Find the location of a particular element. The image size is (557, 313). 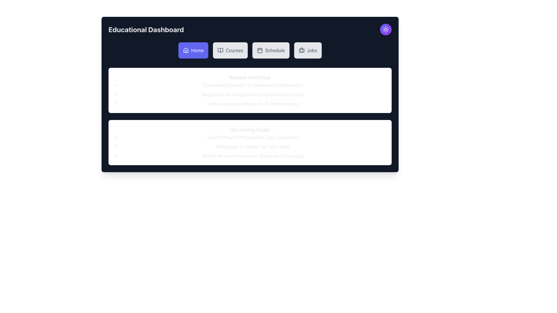

the first item in the ordered list under the 'Upcoming Goals' section that describes upcoming goals for the user is located at coordinates (253, 137).